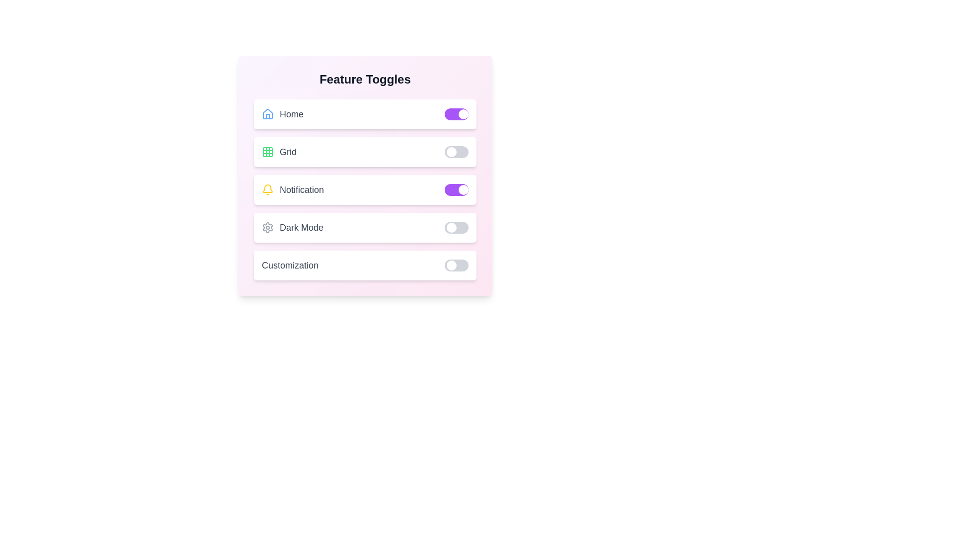  I want to click on the third toggle section for notifications, which is located between the 'Grid' option above and the 'Dark Mode' option below, so click(364, 189).